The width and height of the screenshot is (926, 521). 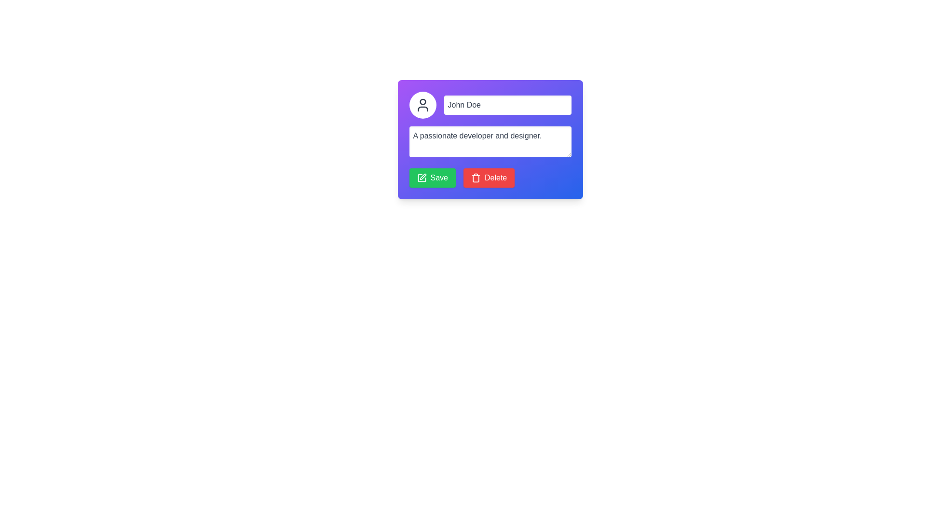 What do you see at coordinates (490, 141) in the screenshot?
I see `the text input field displaying the content 'A passionate developer and designer.'` at bounding box center [490, 141].